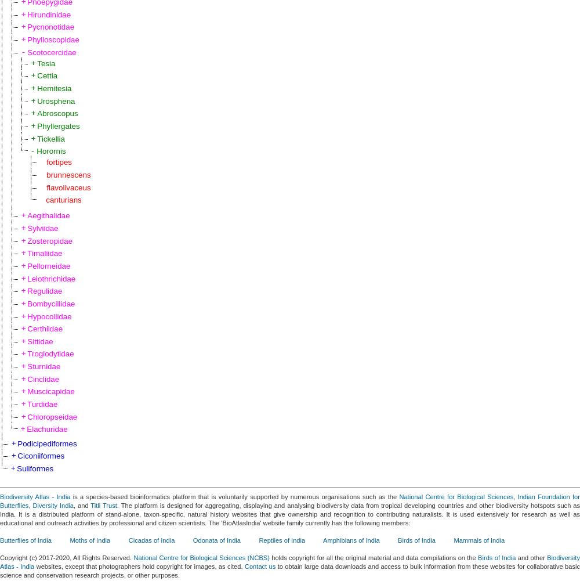 The image size is (580, 588). Describe the element at coordinates (0, 513) in the screenshot. I see `'. The platform is designed for aggregating, displaying and analysing biodiversity data from tropical developing countries and other biodiversity hotspots such as India. It is a distributed platform of stand-alone, taxon-specific, natural history websites that give ownership and recognition to contributing naturalists. It is used extensively for research as well as educational and outreach activities by professional and citizen scientists. The 'BioAtlasIndia' website family currently has the following members:'` at that location.